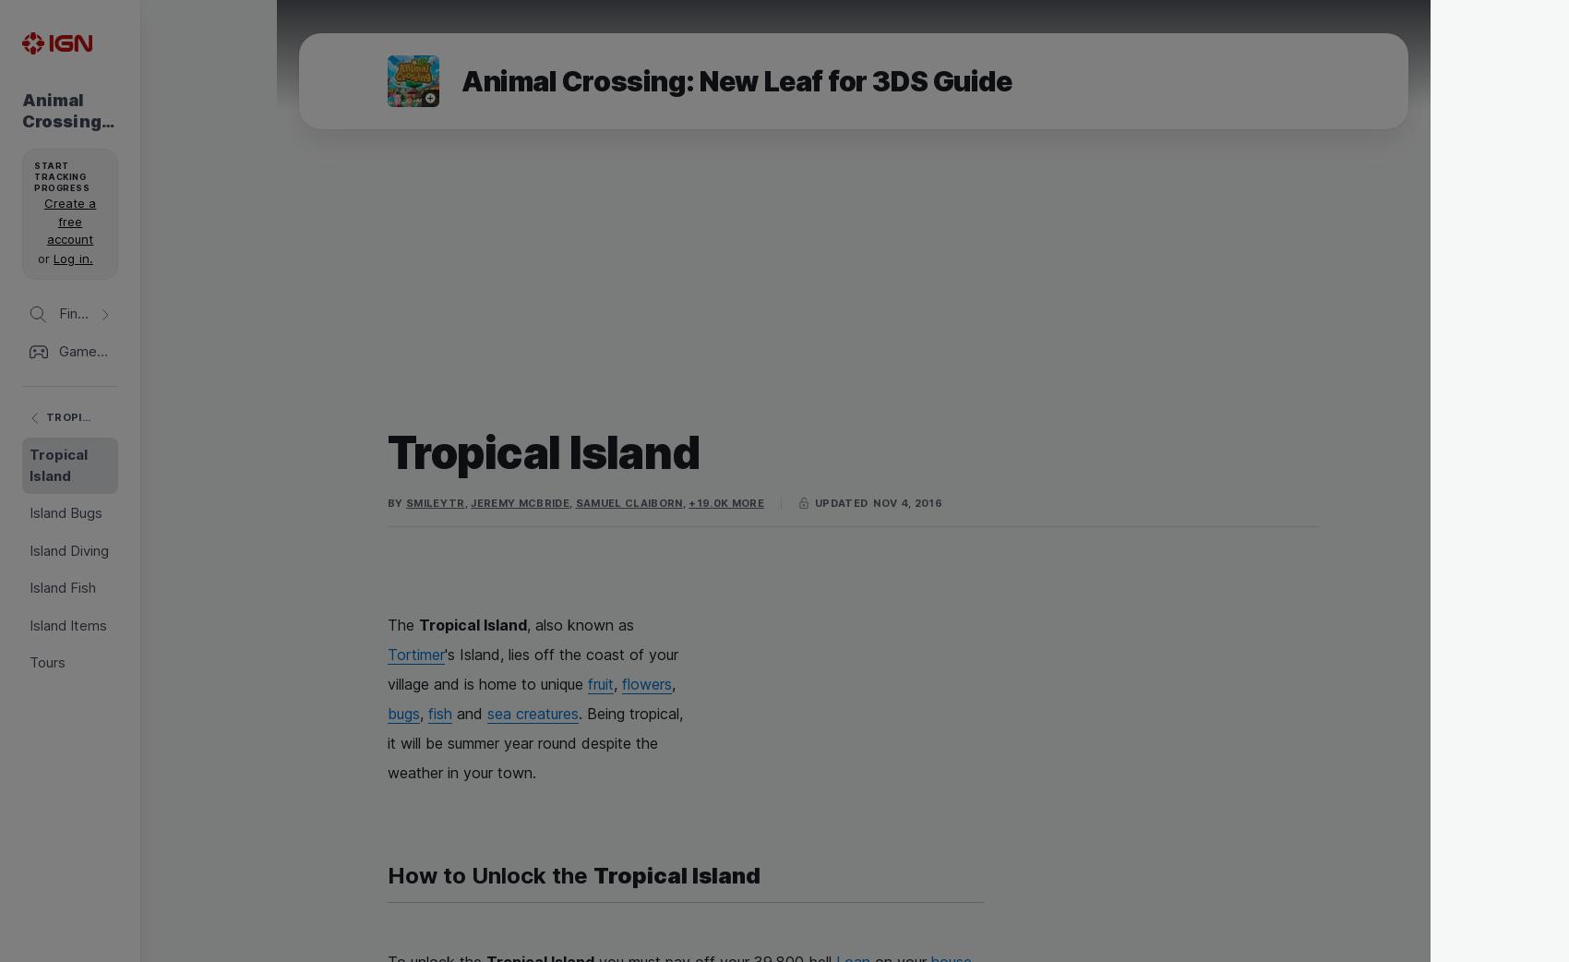 The image size is (1569, 962). What do you see at coordinates (91, 273) in the screenshot?
I see `'Game Info'` at bounding box center [91, 273].